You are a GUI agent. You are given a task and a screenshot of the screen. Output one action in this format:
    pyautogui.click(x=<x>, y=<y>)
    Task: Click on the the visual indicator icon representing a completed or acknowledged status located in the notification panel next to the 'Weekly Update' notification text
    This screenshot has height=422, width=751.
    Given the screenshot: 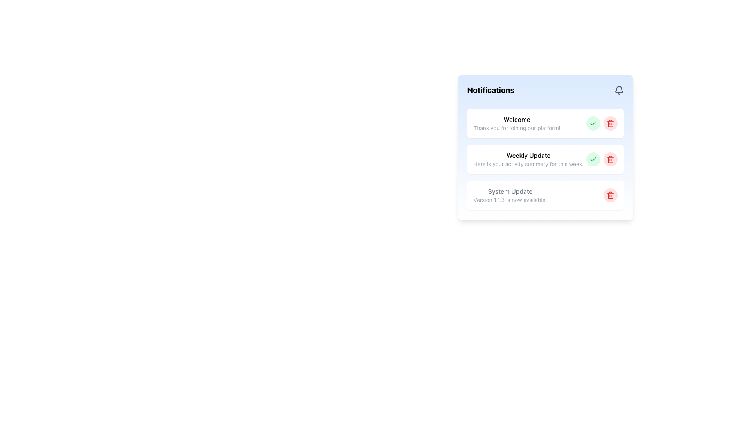 What is the action you would take?
    pyautogui.click(x=593, y=123)
    